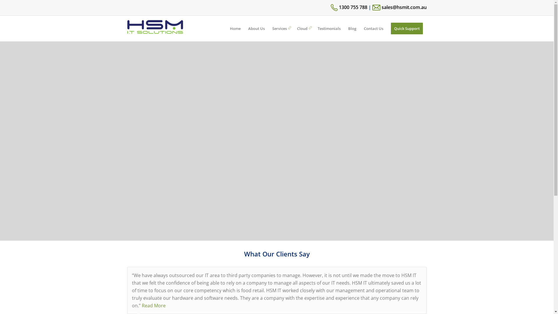 The image size is (558, 314). What do you see at coordinates (399, 7) in the screenshot?
I see `'sales@hsmit.com.au'` at bounding box center [399, 7].